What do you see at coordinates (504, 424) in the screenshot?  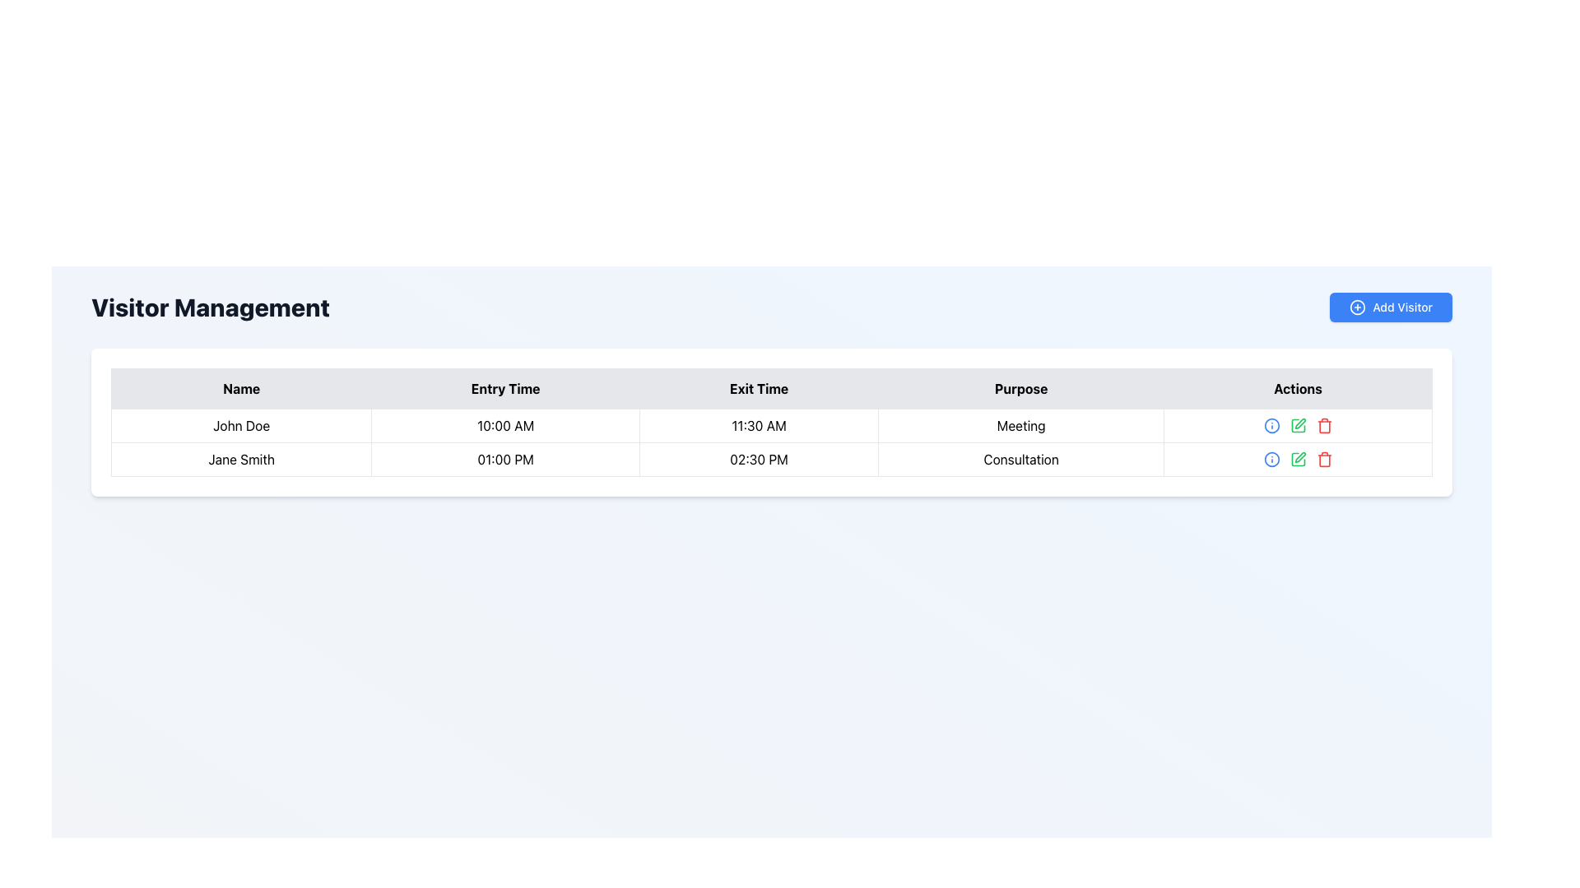 I see `the 'Entry Time' text element in the 'Visitor Management' interface, which displays the entry time of a visitor, specifically located in the second column of the first row of the table, aligning with 'John Doe'` at bounding box center [504, 424].